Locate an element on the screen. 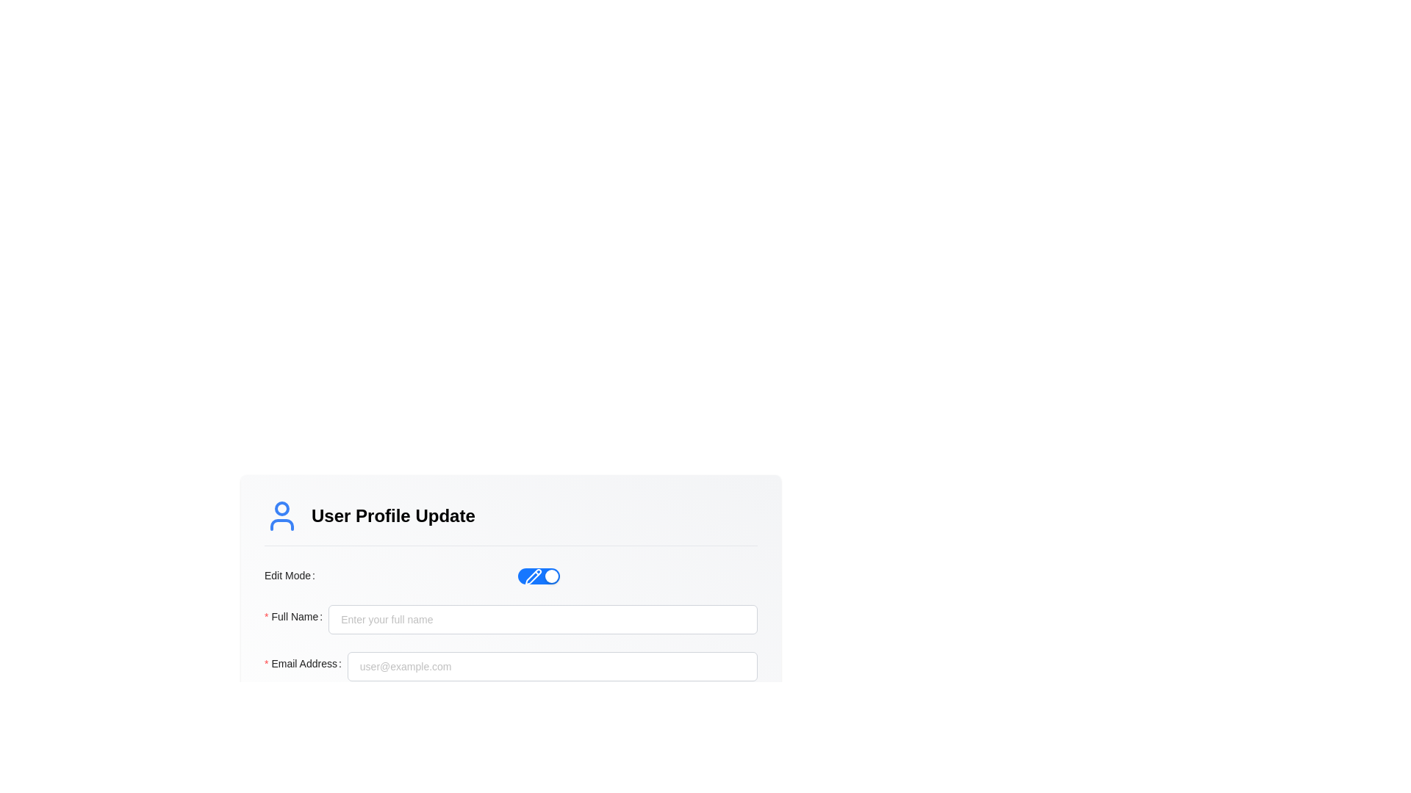 Image resolution: width=1411 pixels, height=793 pixels. the confirmation button located at the bottom of the 'User Profile Update' form, which applies changes made in the form is located at coordinates (511, 715).